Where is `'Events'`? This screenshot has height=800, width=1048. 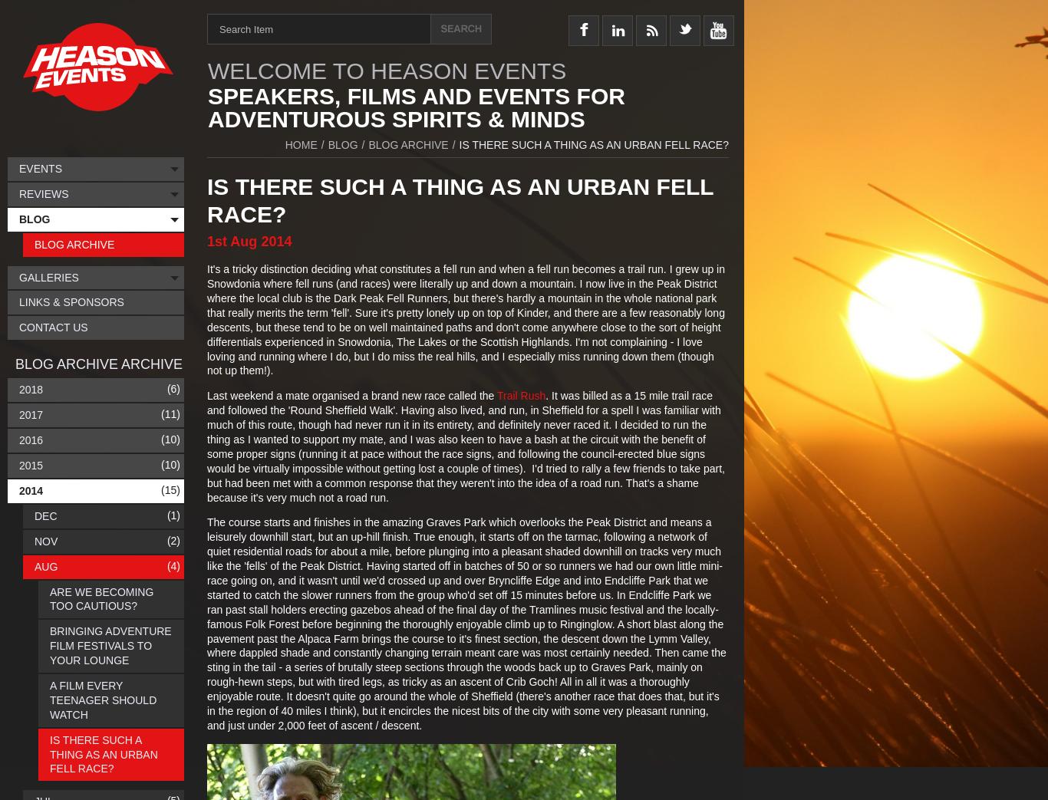 'Events' is located at coordinates (41, 167).